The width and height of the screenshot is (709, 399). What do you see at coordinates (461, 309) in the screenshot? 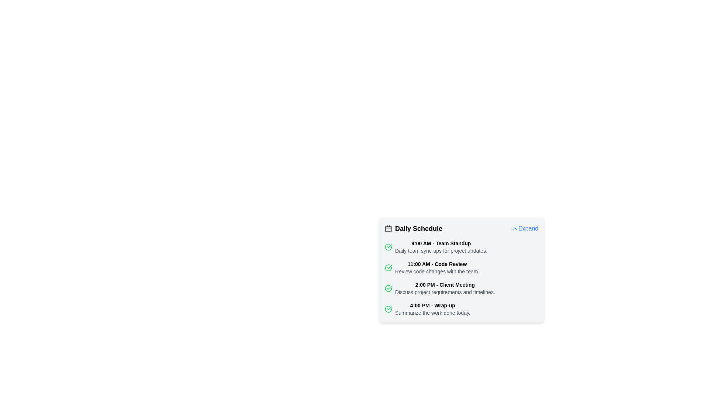
I see `the scheduled event list item that displays '4:00 PM - Wrap-up' along with its subtext 'Summarize the work done today.'` at bounding box center [461, 309].